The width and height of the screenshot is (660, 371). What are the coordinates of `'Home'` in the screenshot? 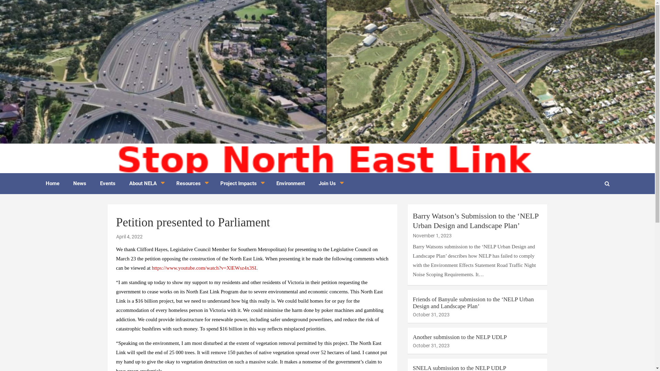 It's located at (38, 183).